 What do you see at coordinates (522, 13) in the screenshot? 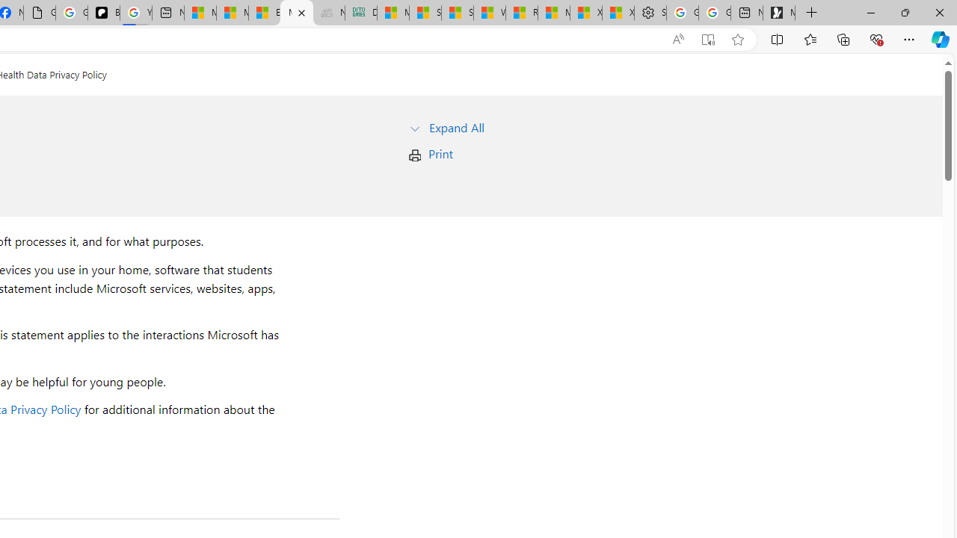
I see `'R******* | Trusted Community Engagement and Contributions'` at bounding box center [522, 13].